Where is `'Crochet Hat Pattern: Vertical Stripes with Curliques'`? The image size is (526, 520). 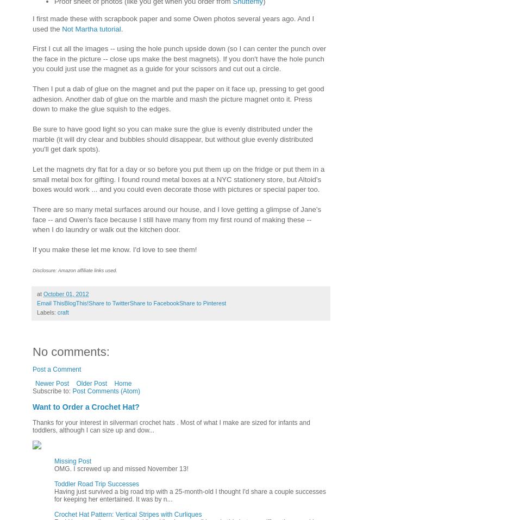
'Crochet Hat Pattern: Vertical Stripes with Curliques' is located at coordinates (127, 515).